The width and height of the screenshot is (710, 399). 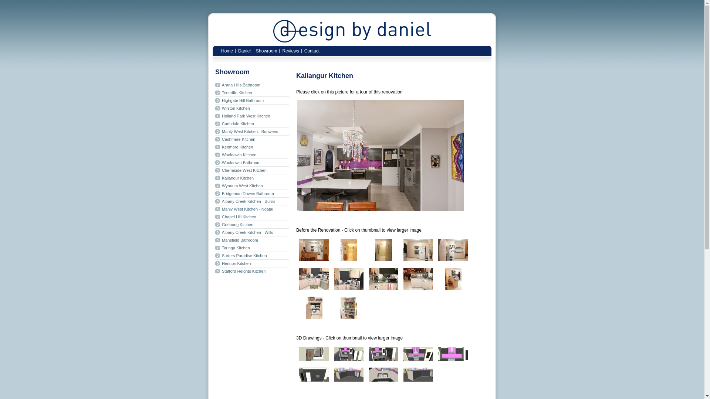 I want to click on 'Herston Kitchen', so click(x=214, y=263).